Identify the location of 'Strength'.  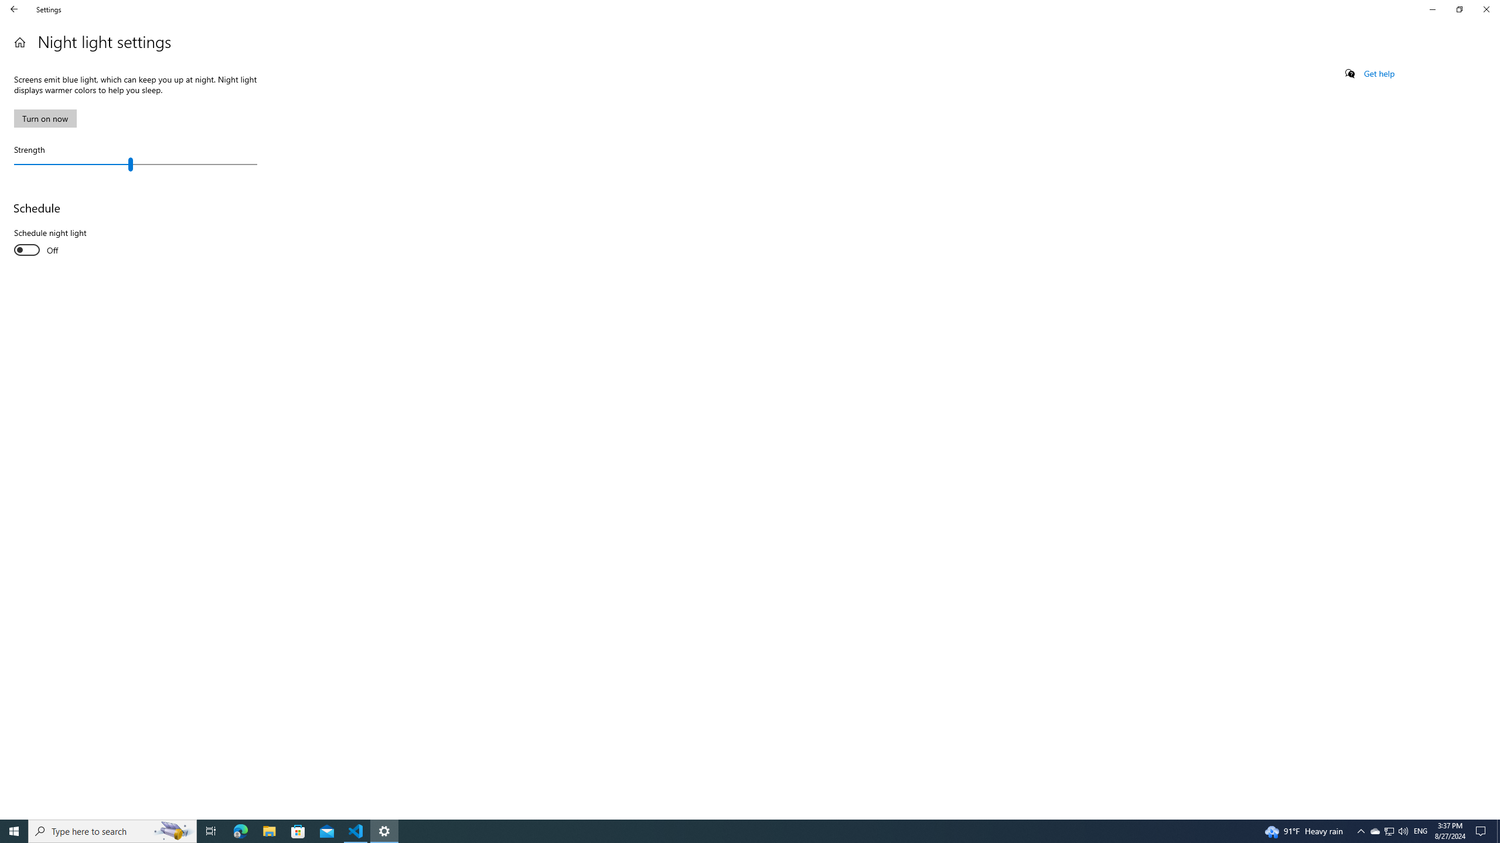
(134, 163).